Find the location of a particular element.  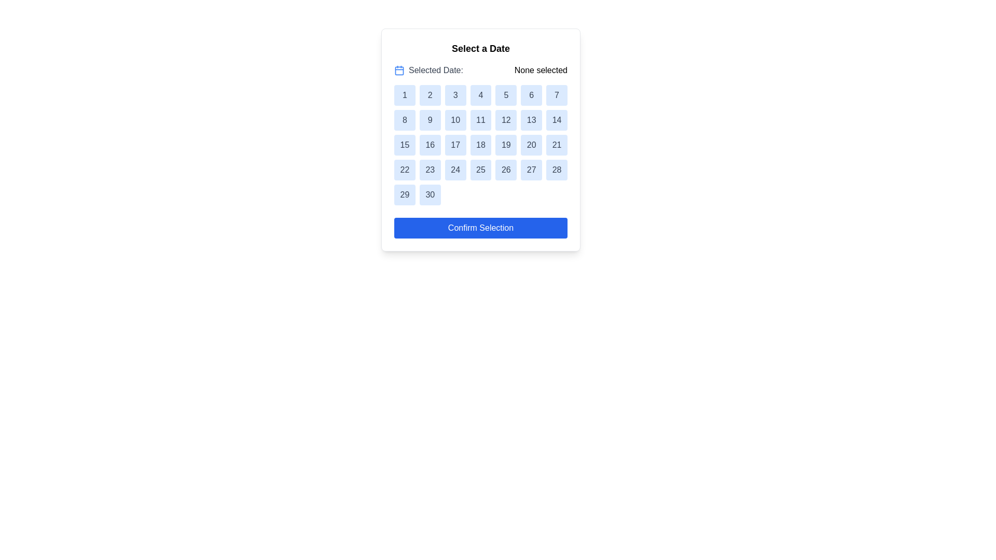

the Label with icon that indicates the date selection section, located in the upper section of the panel is located at coordinates (428, 70).